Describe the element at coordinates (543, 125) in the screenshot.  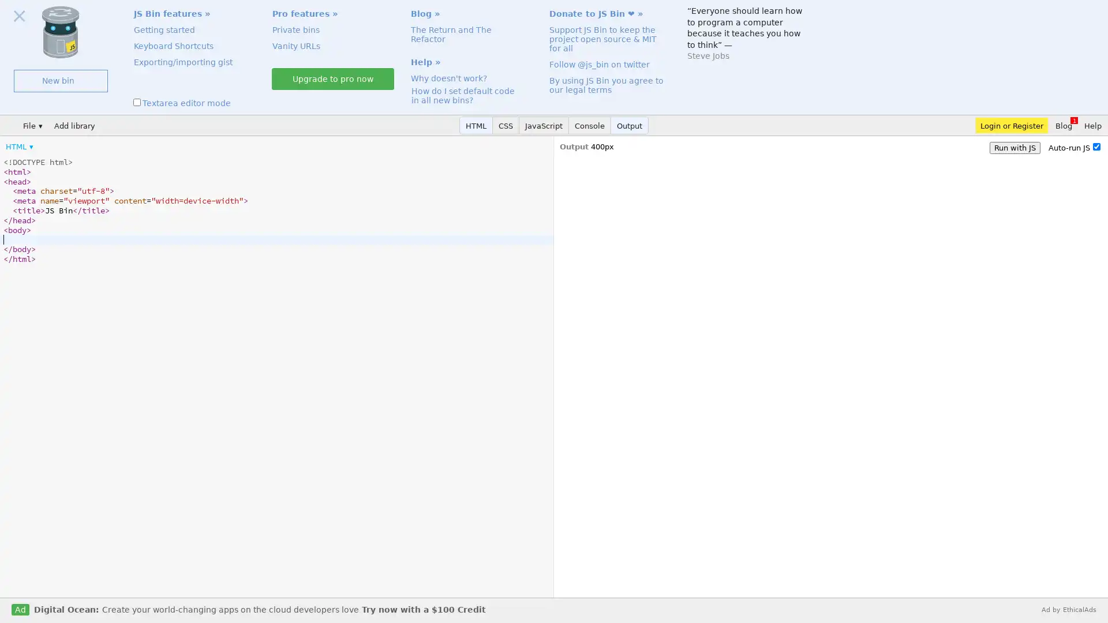
I see `JavaScript Panel: Inactive` at that location.